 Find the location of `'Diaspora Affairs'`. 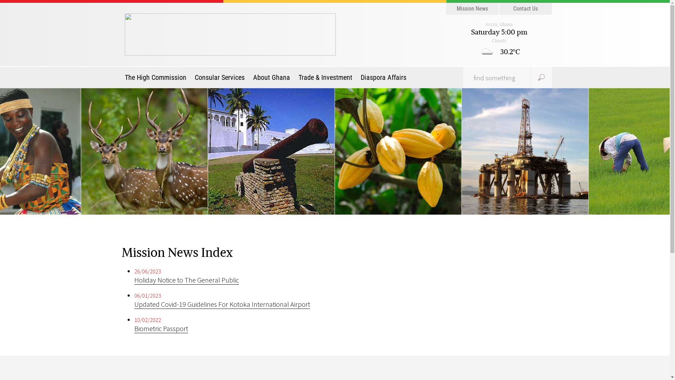

'Diaspora Affairs' is located at coordinates (383, 77).